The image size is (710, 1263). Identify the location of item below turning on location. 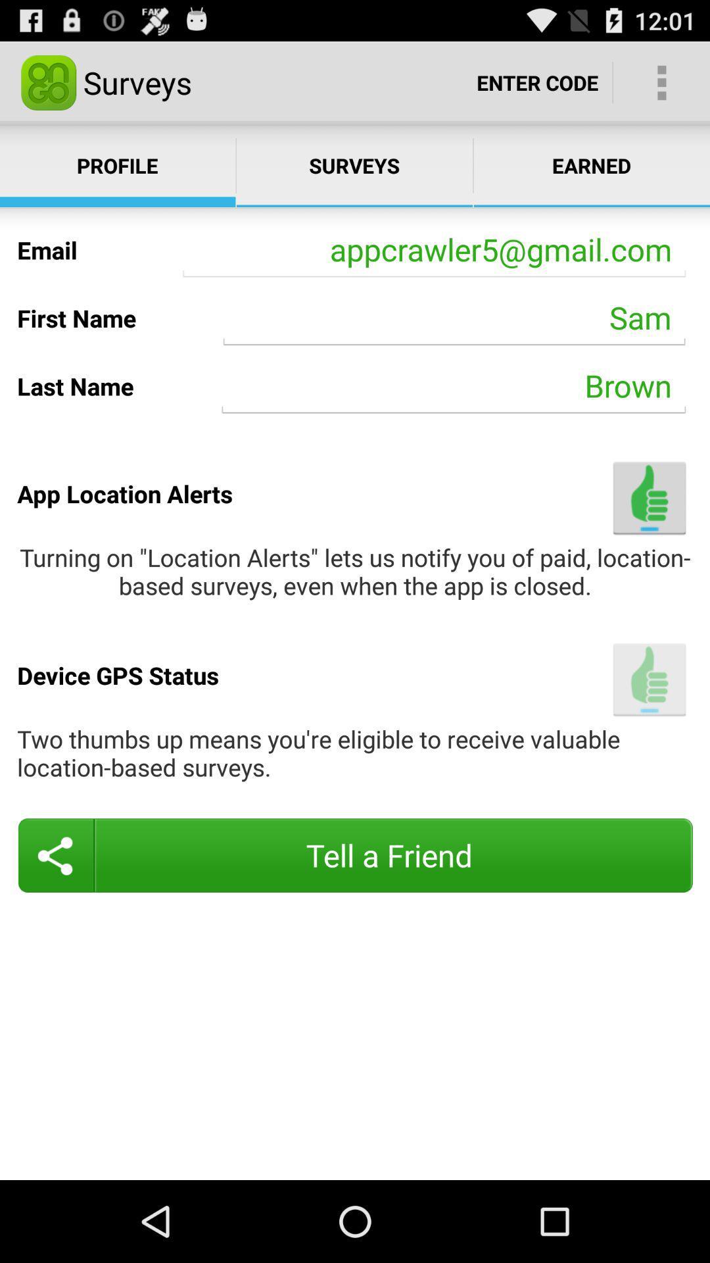
(649, 680).